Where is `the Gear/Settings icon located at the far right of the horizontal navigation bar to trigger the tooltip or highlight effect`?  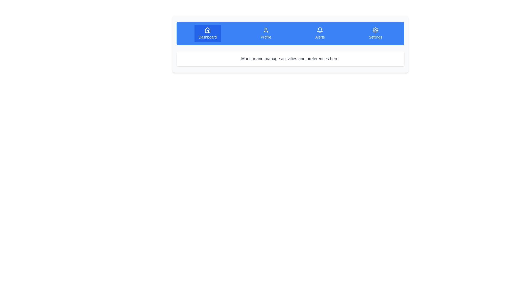 the Gear/Settings icon located at the far right of the horizontal navigation bar to trigger the tooltip or highlight effect is located at coordinates (375, 30).